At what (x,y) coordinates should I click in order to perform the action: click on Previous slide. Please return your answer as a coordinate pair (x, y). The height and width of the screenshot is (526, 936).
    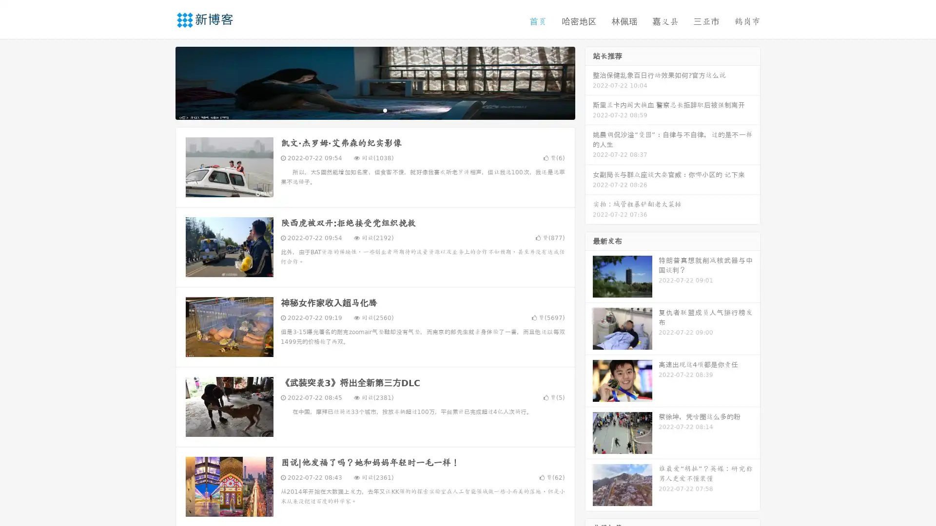
    Looking at the image, I should click on (161, 82).